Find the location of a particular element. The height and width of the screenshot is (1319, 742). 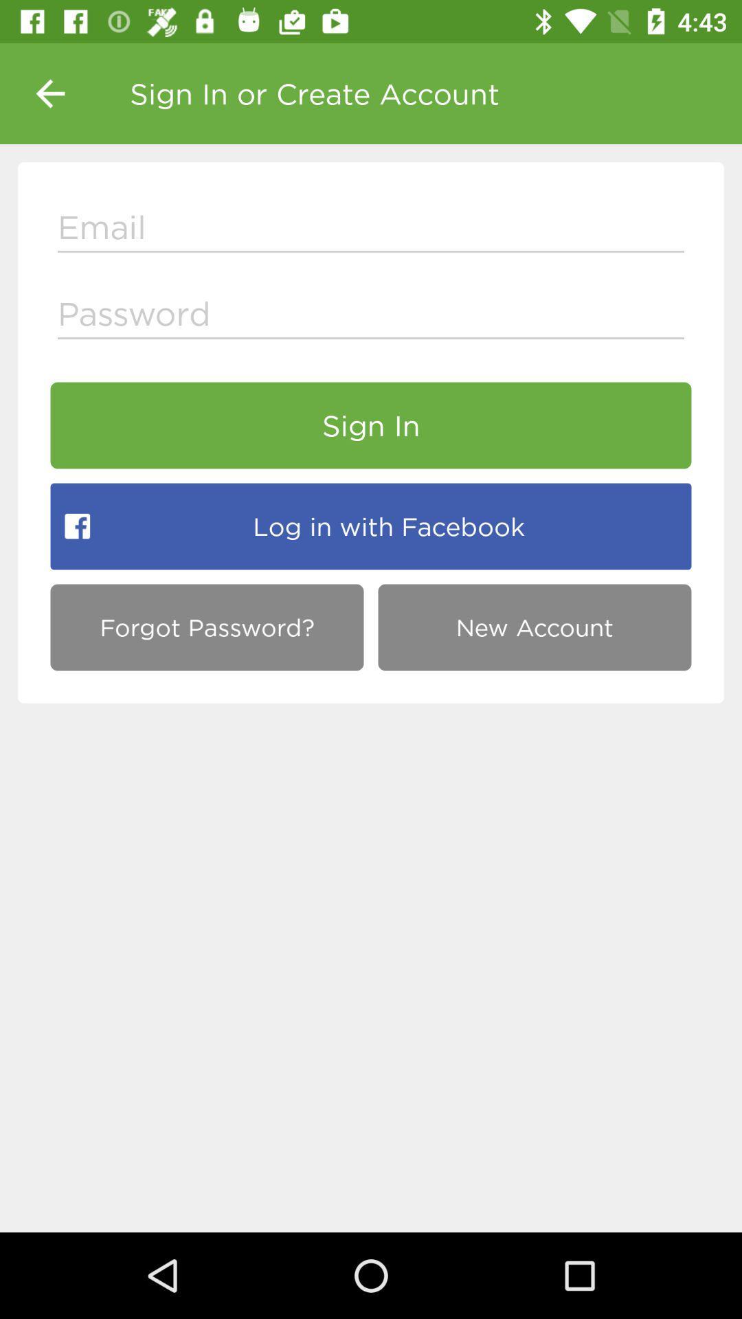

input email adress is located at coordinates (371, 231).